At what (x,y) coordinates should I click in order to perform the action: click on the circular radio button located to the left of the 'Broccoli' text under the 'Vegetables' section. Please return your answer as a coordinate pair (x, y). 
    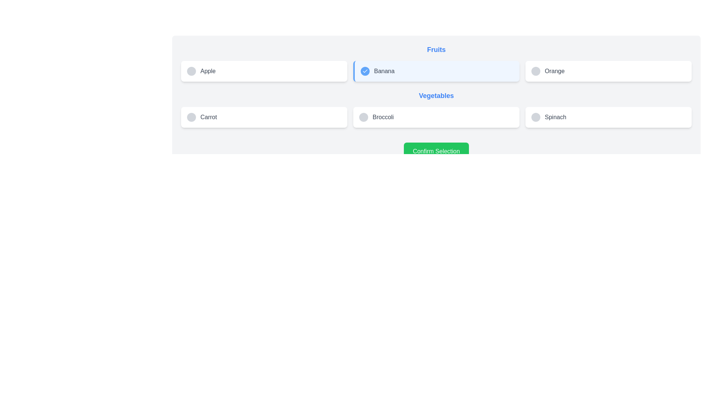
    Looking at the image, I should click on (364, 117).